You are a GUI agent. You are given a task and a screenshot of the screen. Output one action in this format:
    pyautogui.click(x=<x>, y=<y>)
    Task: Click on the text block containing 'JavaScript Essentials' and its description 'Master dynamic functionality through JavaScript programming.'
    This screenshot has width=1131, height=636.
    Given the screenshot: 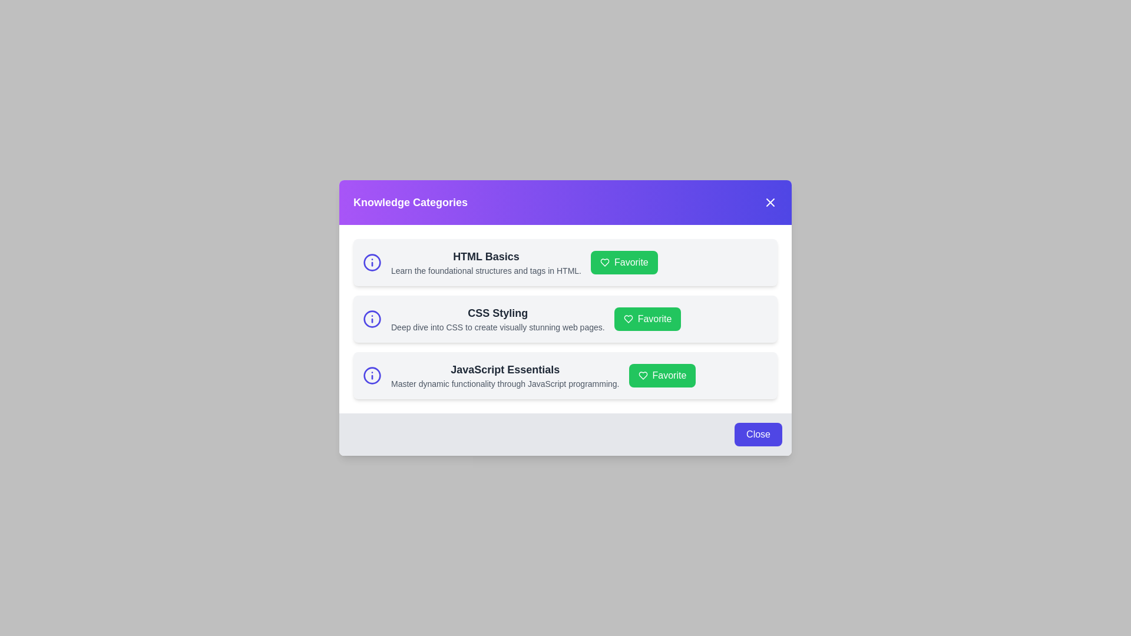 What is the action you would take?
    pyautogui.click(x=505, y=375)
    